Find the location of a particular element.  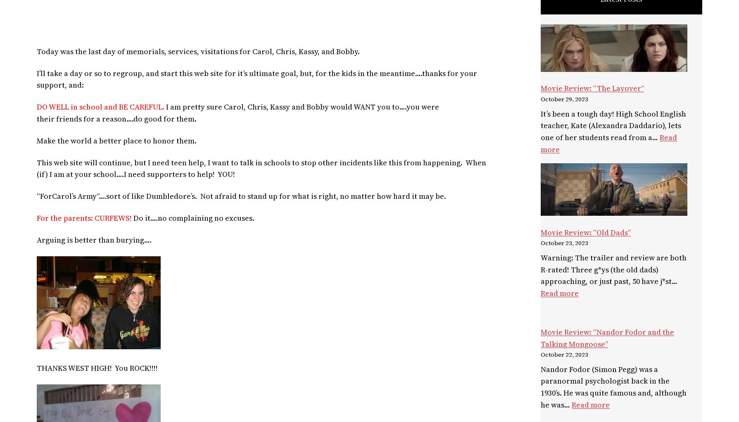

'DO WELL in school and BE CAREFUL.' is located at coordinates (36, 106).